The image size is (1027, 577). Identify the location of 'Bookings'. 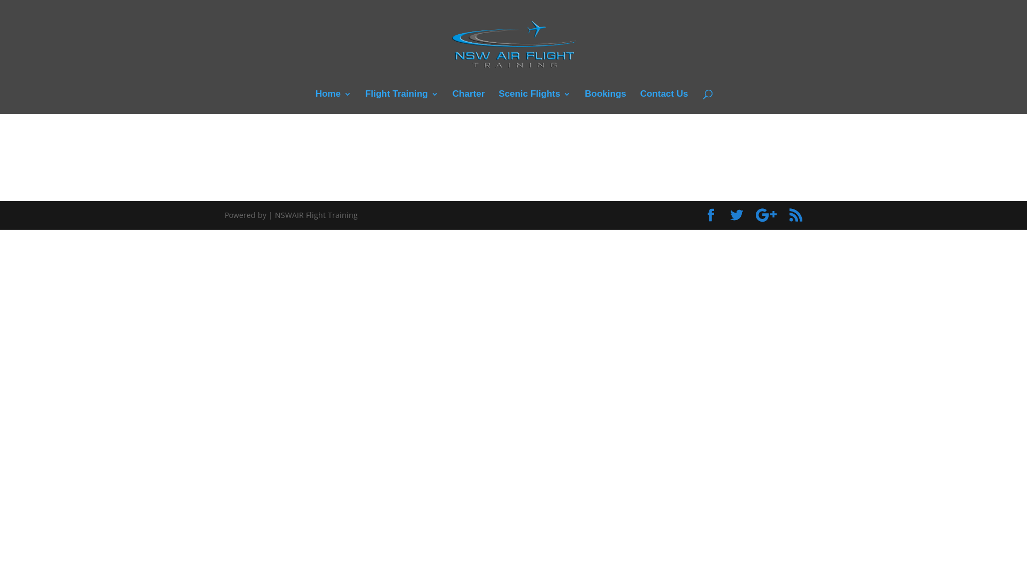
(605, 102).